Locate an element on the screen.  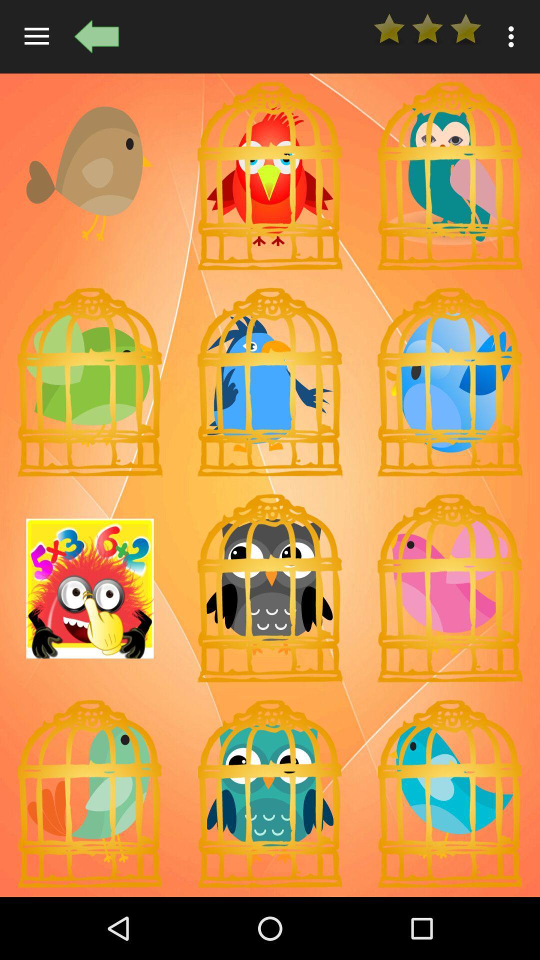
chooses this emoji is located at coordinates (270, 793).